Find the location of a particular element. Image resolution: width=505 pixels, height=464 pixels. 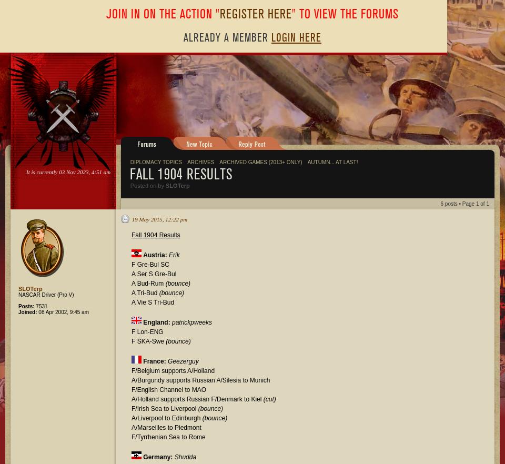

'A Tri-Bud' is located at coordinates (130, 292).